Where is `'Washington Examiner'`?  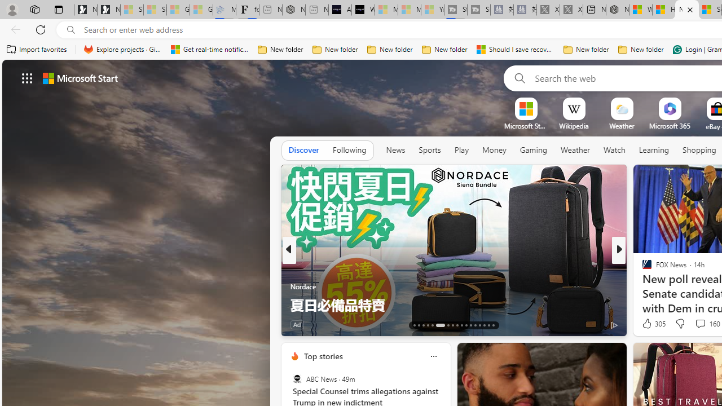
'Washington Examiner' is located at coordinates (642, 268).